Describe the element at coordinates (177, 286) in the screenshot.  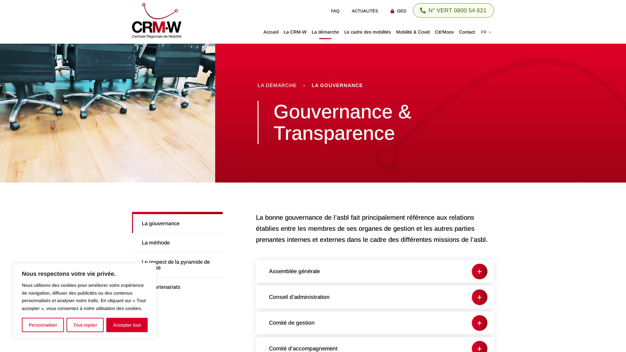
I see `'Les partenariats'` at that location.